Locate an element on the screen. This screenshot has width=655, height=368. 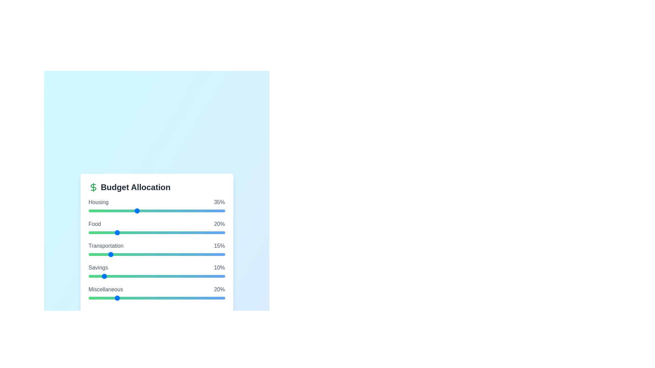
the category name Food to focus on it is located at coordinates (94, 224).